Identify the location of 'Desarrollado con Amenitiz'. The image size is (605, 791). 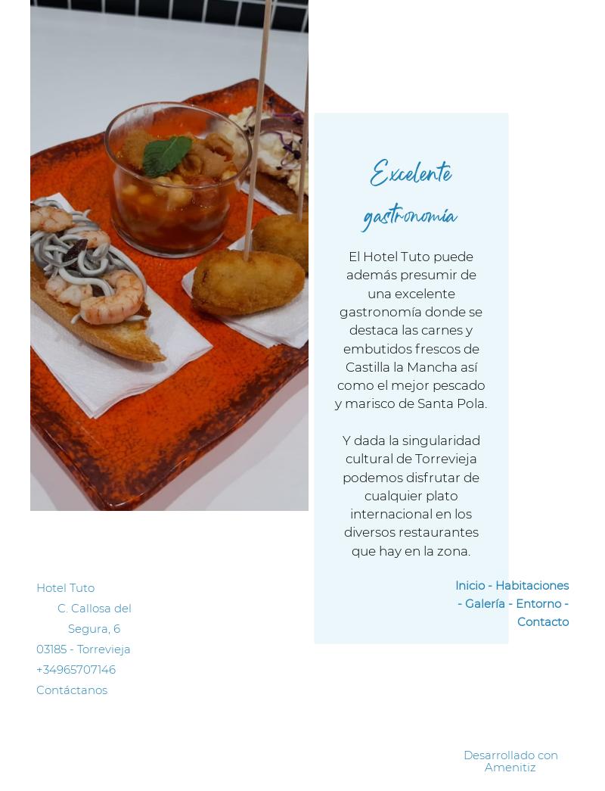
(510, 760).